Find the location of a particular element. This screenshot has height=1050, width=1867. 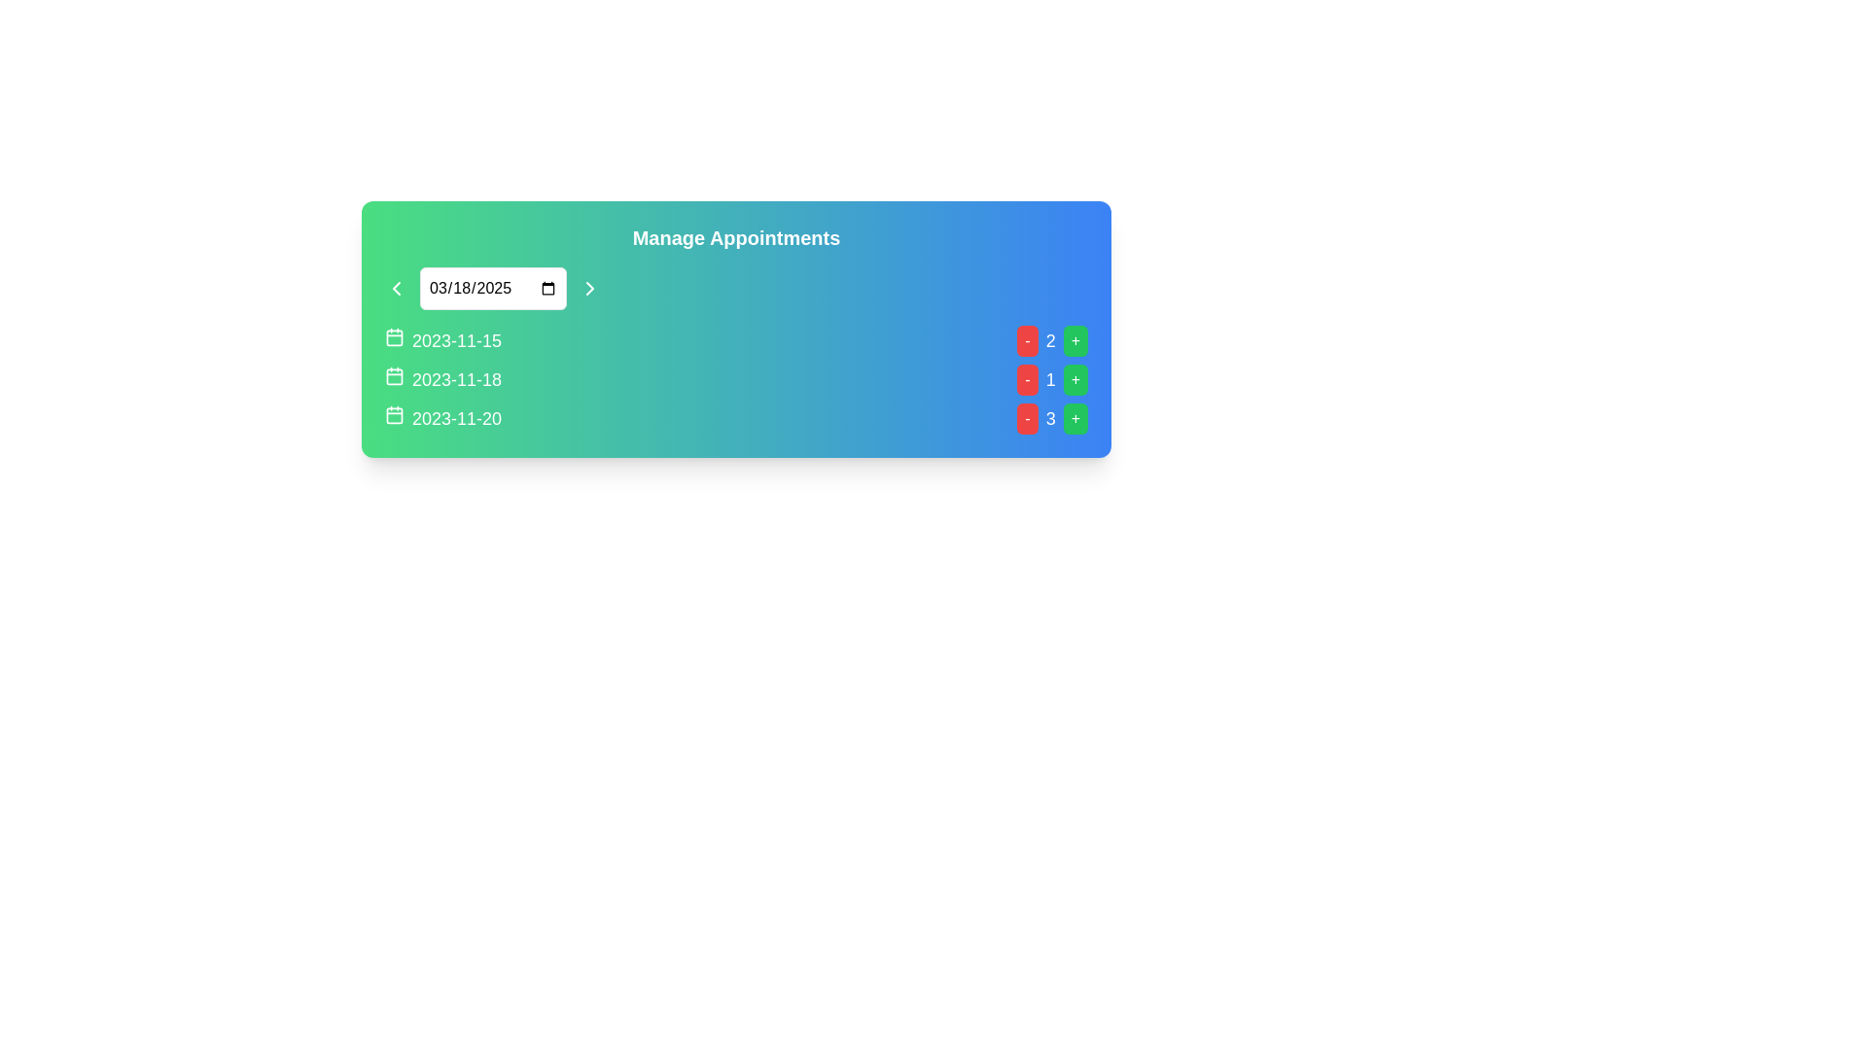

the red minus button of the Counter control is located at coordinates (1051, 340).